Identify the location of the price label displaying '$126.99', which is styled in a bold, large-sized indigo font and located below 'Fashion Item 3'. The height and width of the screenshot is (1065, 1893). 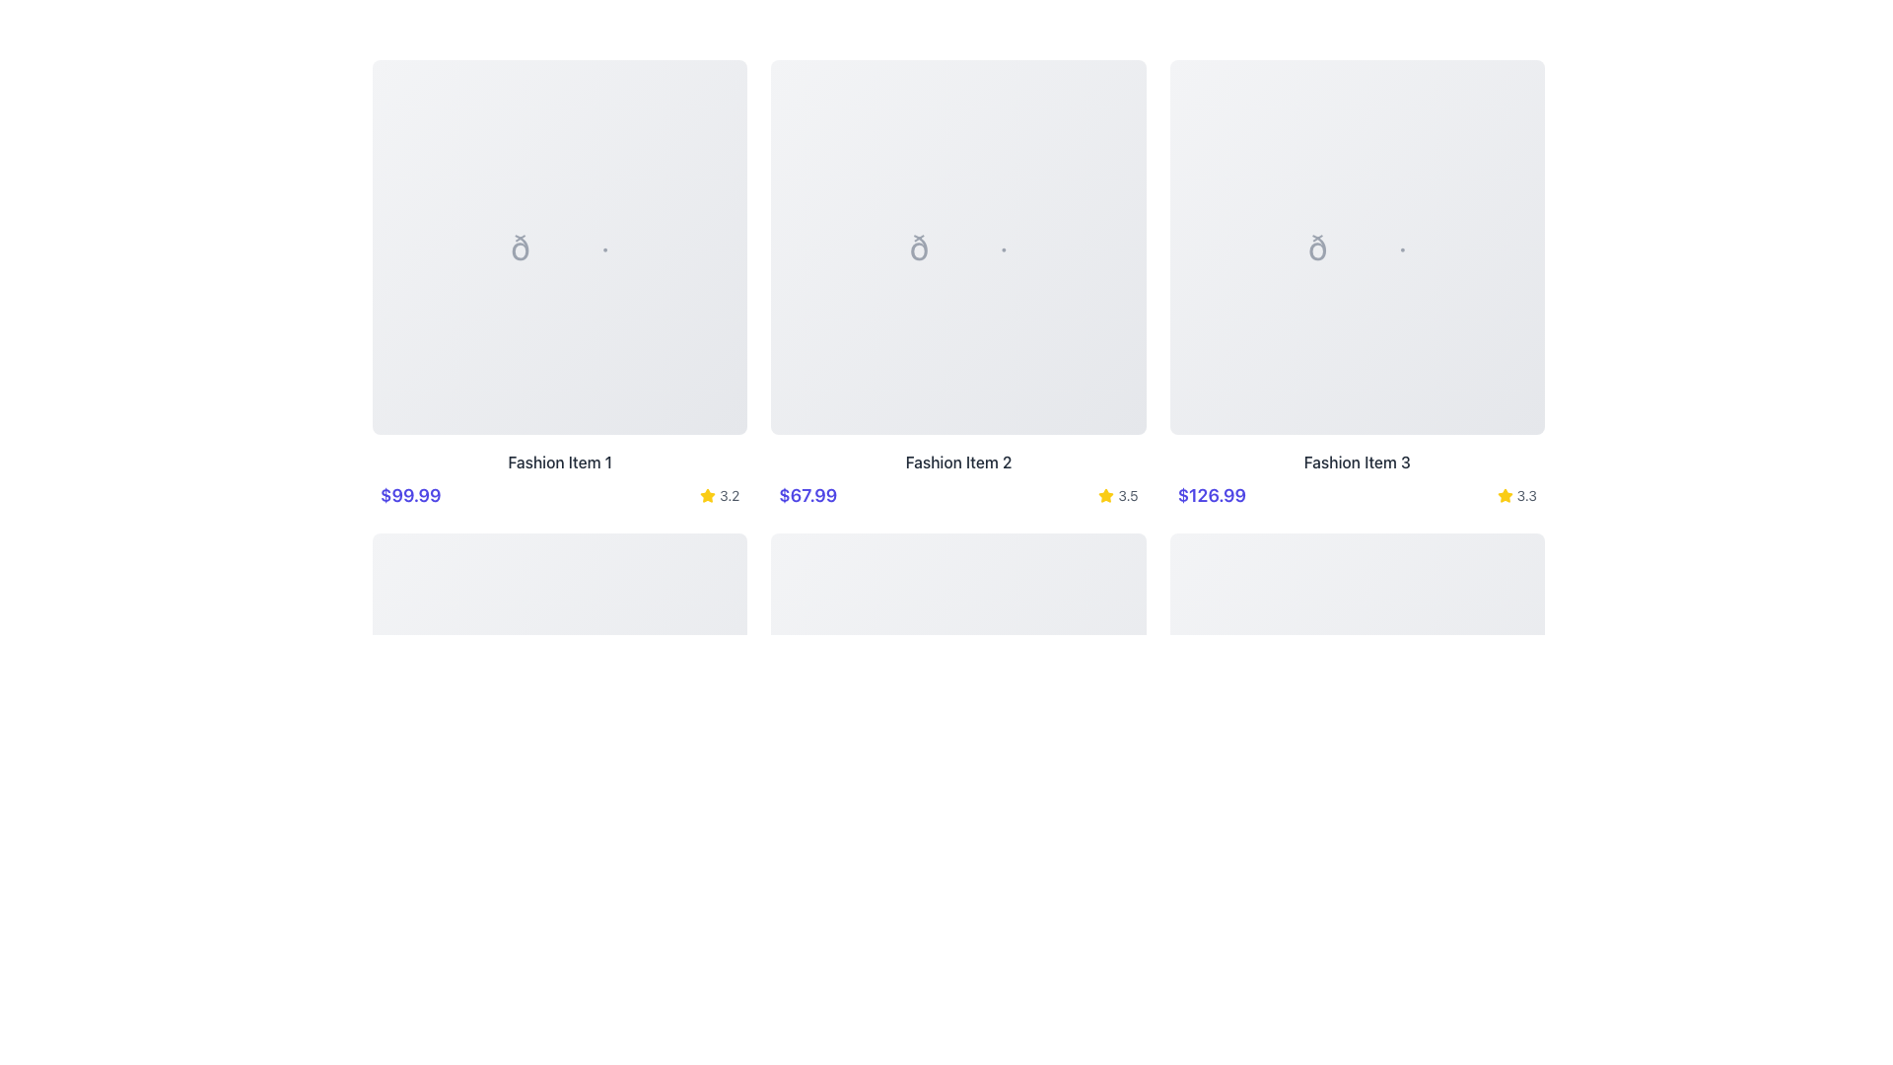
(1211, 495).